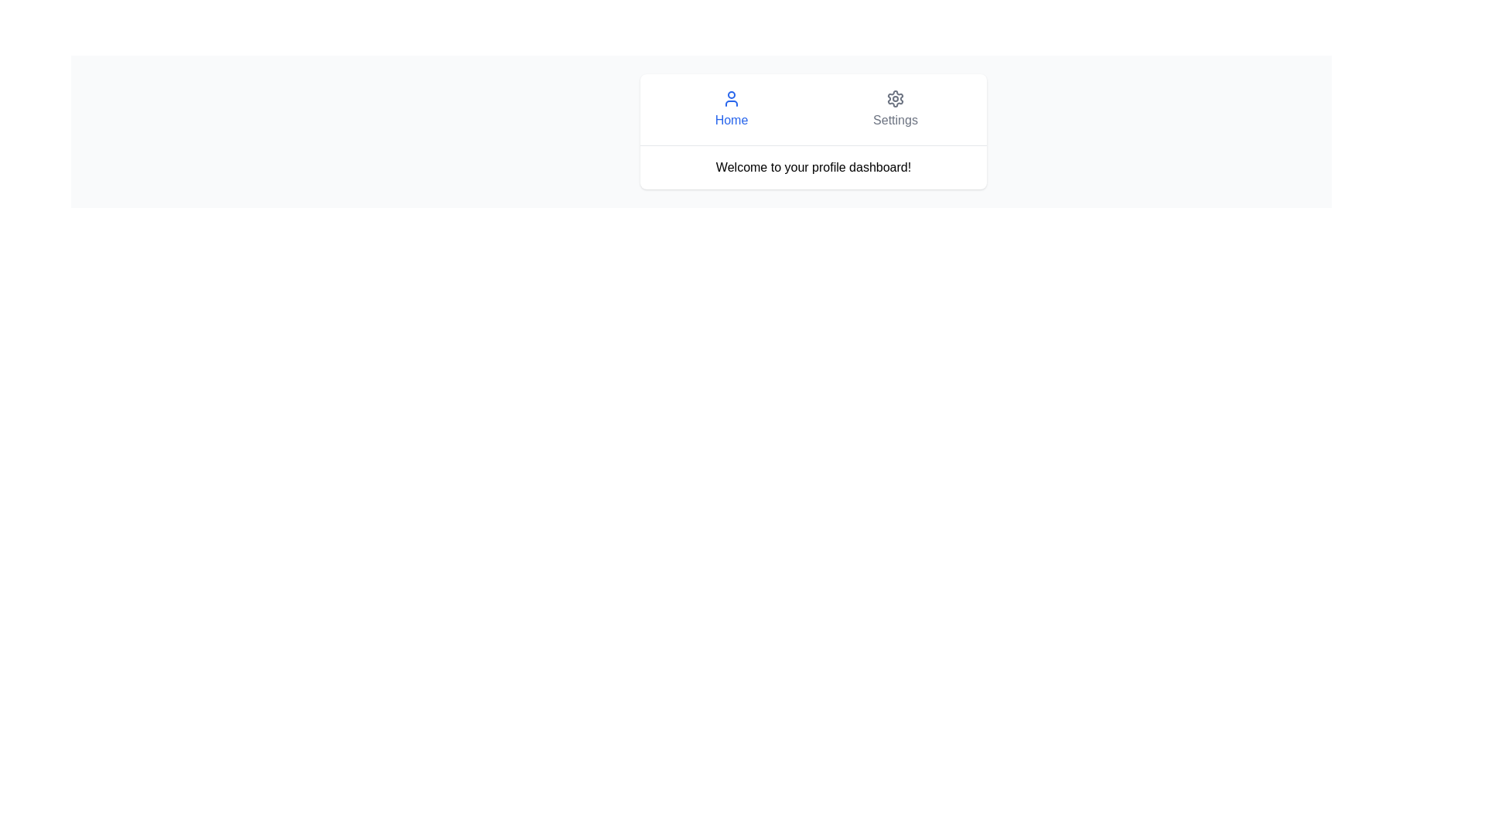 Image resolution: width=1485 pixels, height=835 pixels. I want to click on the welcoming header static text on the profile dashboard, located centrally below the 'Home' and 'Settings' navigation links, so click(812, 167).